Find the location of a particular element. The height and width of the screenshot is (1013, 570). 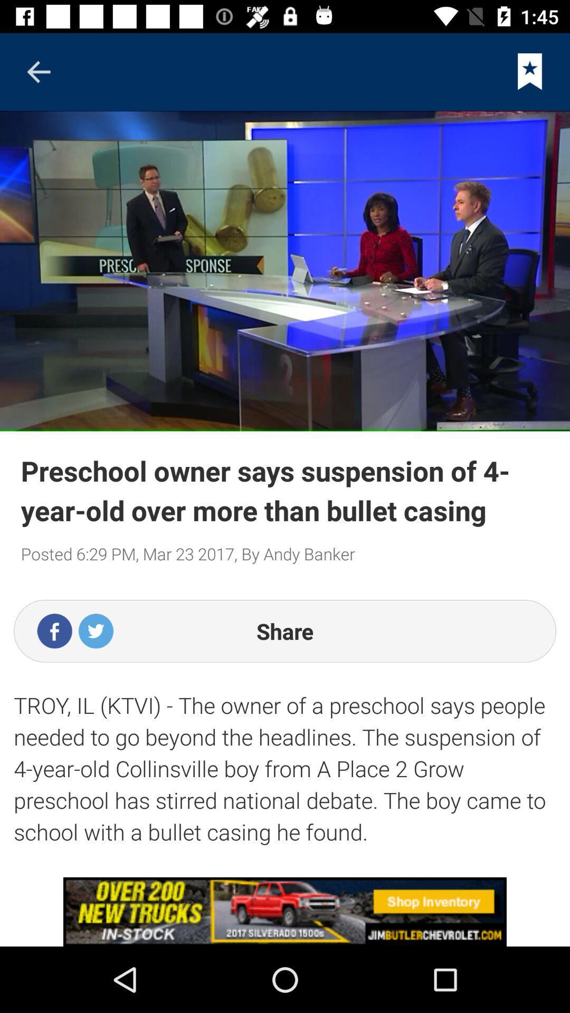

the bookmark icon is located at coordinates (530, 71).